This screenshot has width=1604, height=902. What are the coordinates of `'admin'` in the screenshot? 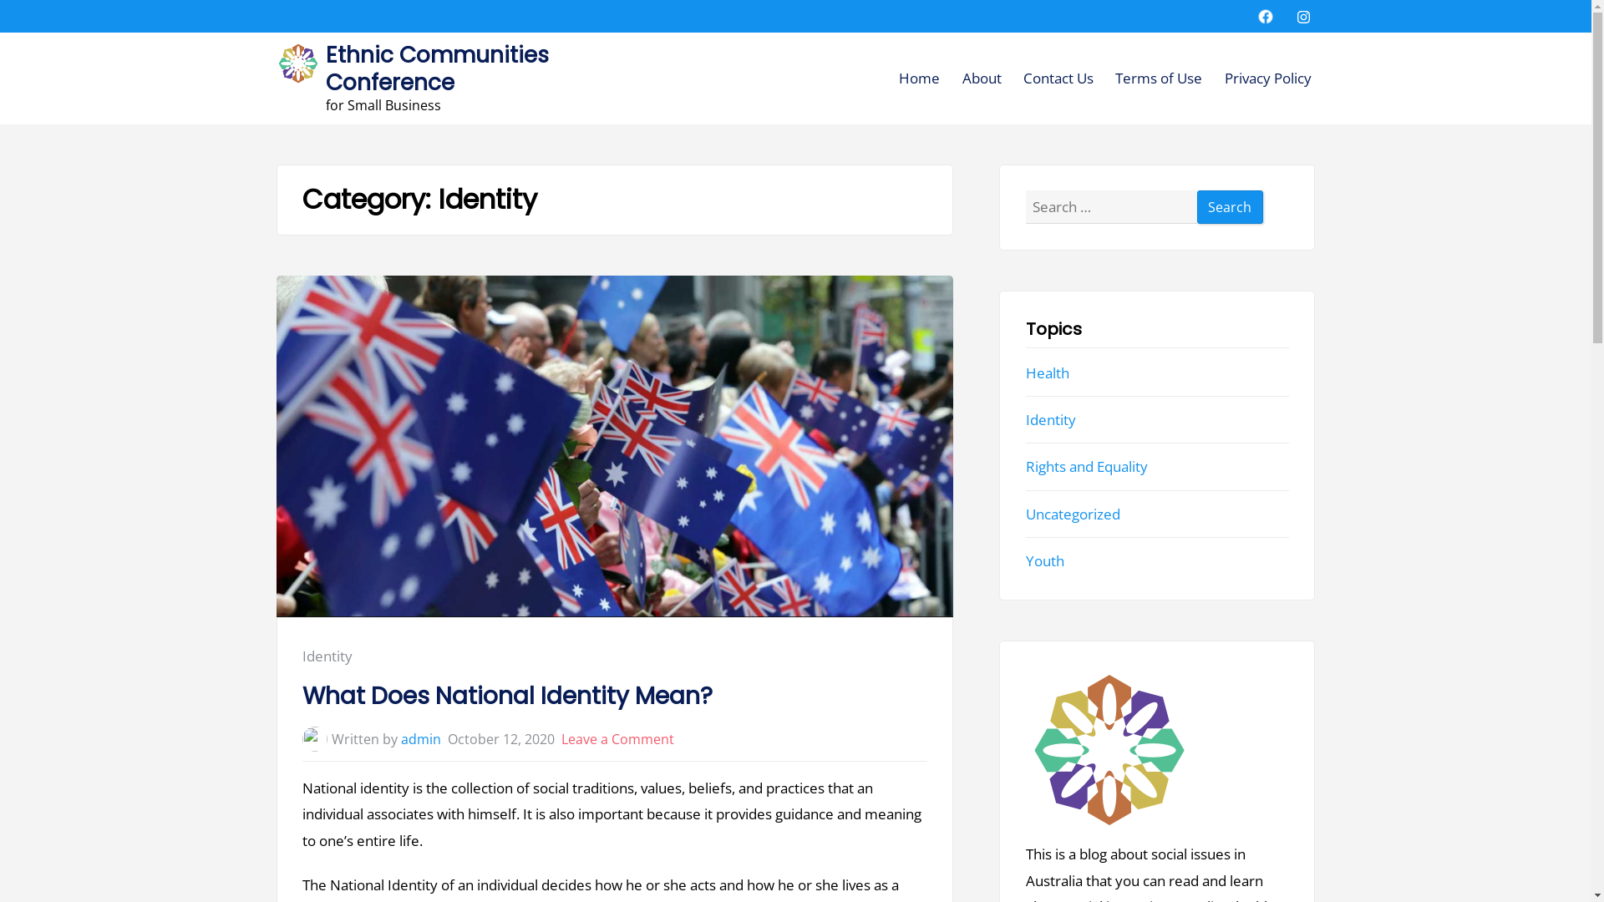 It's located at (421, 737).